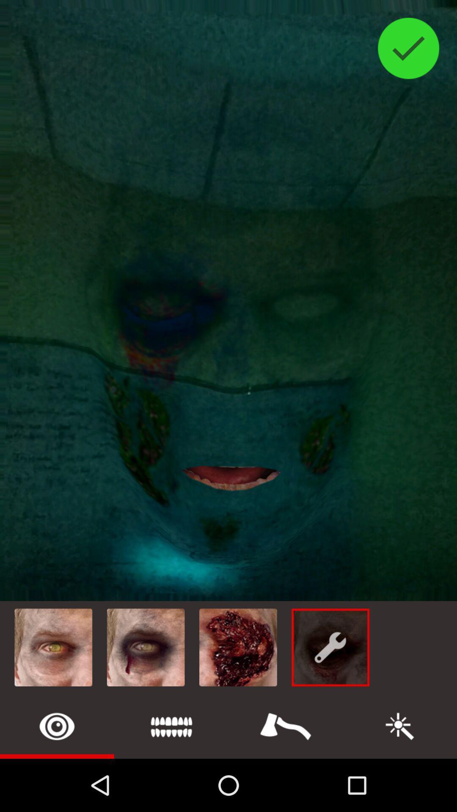  Describe the element at coordinates (400, 726) in the screenshot. I see `the effects option` at that location.